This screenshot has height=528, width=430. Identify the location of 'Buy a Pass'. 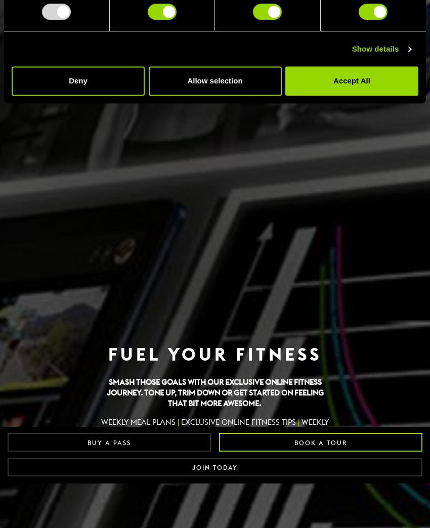
(109, 443).